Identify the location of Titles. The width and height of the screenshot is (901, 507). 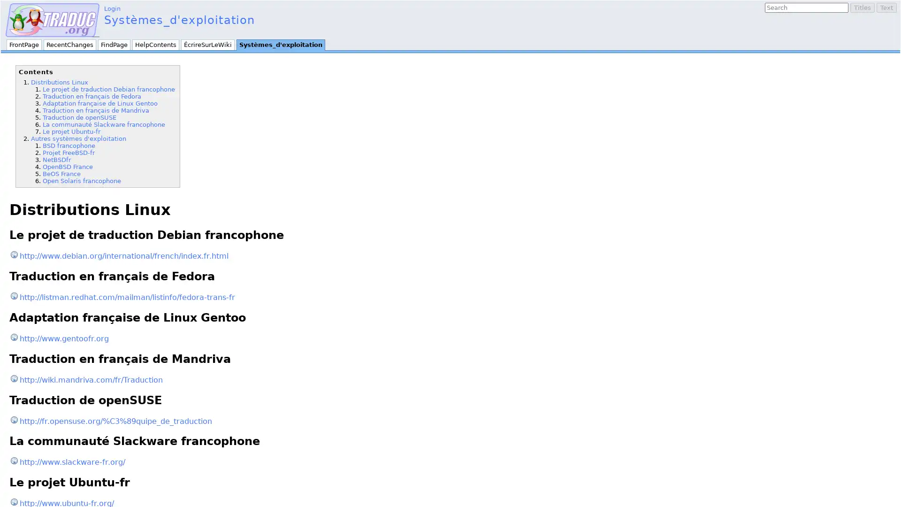
(863, 8).